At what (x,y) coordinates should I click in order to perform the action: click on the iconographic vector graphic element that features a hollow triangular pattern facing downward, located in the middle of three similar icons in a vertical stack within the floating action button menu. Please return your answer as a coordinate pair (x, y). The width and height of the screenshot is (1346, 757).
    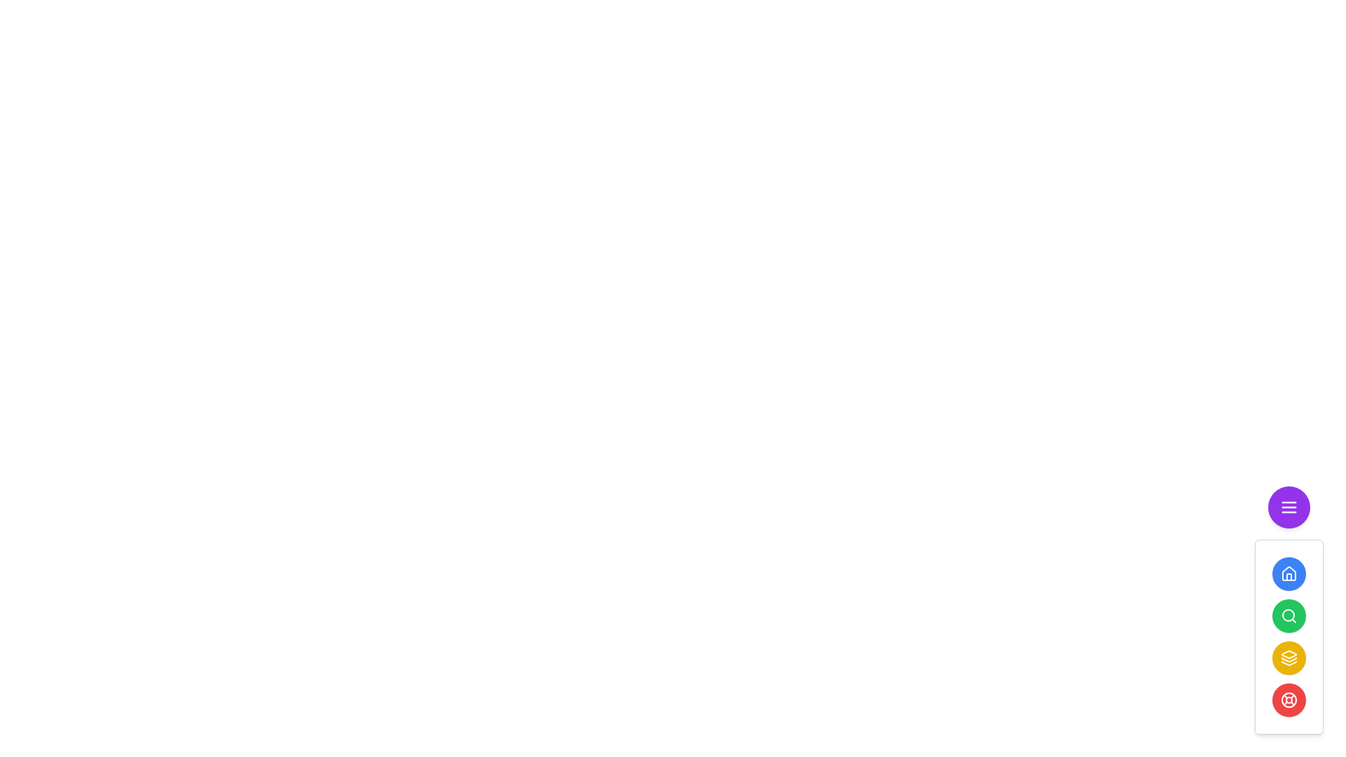
    Looking at the image, I should click on (1289, 660).